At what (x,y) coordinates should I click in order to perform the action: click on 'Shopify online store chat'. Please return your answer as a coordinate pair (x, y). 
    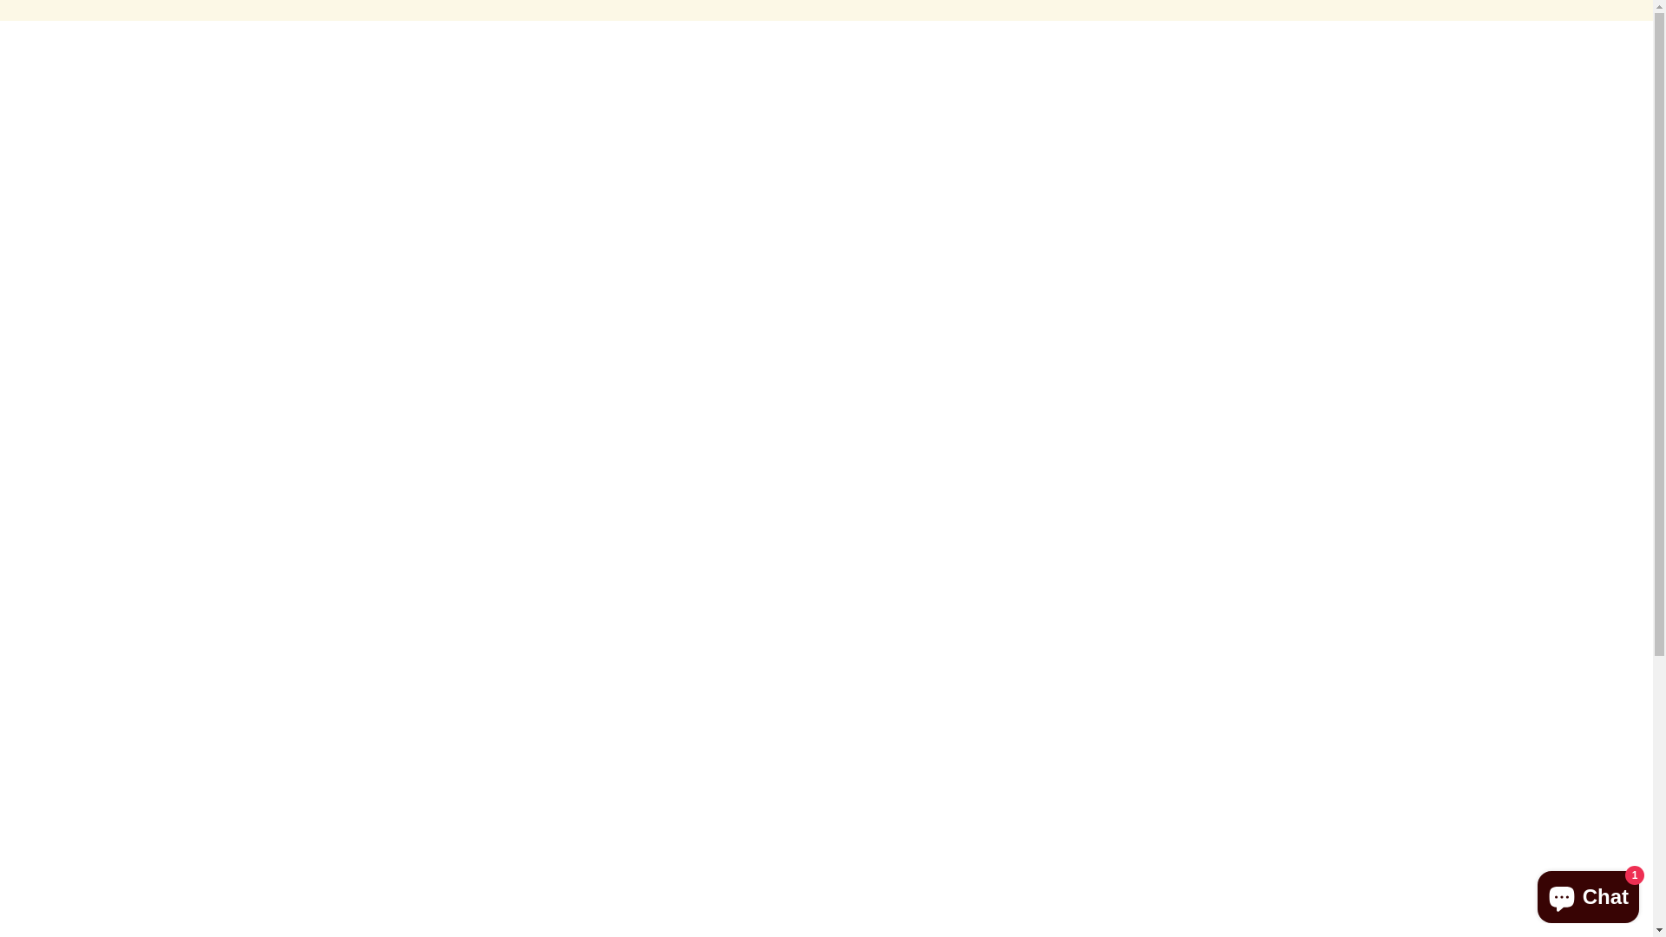
    Looking at the image, I should click on (1588, 893).